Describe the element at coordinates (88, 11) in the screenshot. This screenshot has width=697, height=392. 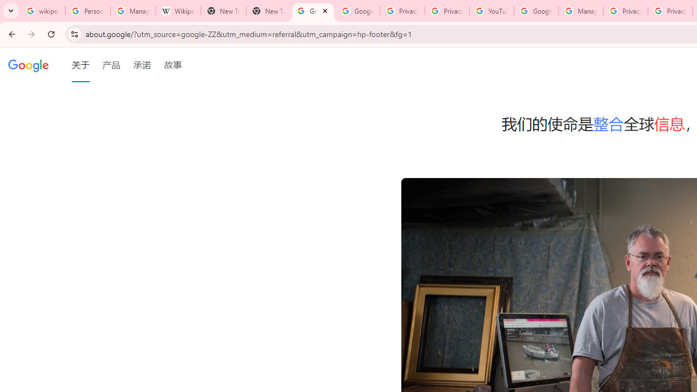
I see `'Personalization & Google Search results - Google Search Help'` at that location.